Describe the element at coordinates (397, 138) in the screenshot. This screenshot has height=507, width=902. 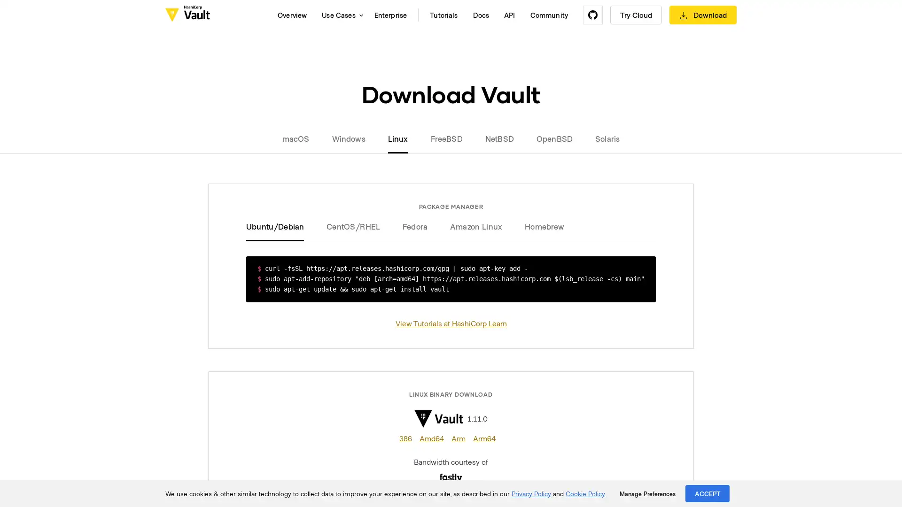
I see `Linux` at that location.